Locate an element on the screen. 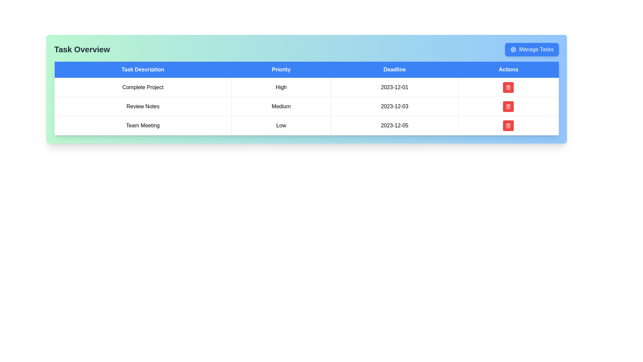 The image size is (643, 362). the settings icon located within the 'Manage Tasks' button at the top-right corner of the task management interface to initiate an action is located at coordinates (513, 49).